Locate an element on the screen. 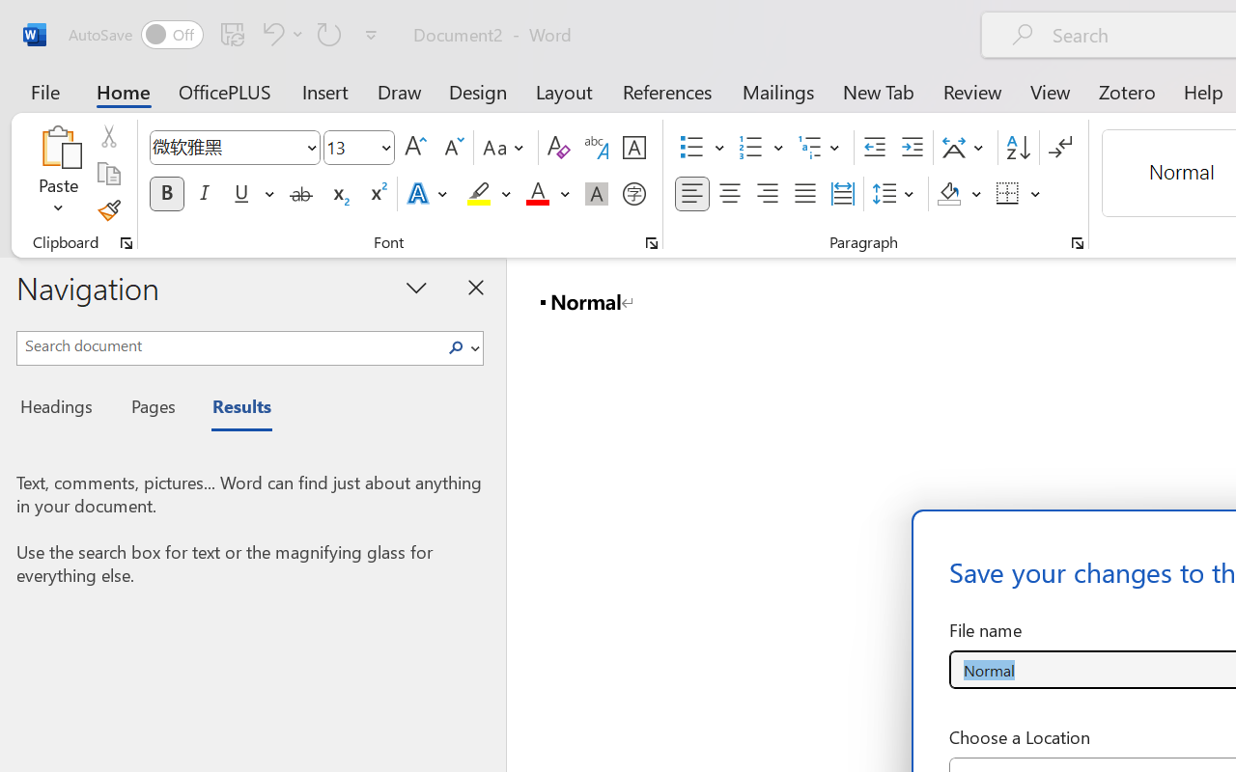 This screenshot has width=1236, height=772. 'Font...' is located at coordinates (652, 242).